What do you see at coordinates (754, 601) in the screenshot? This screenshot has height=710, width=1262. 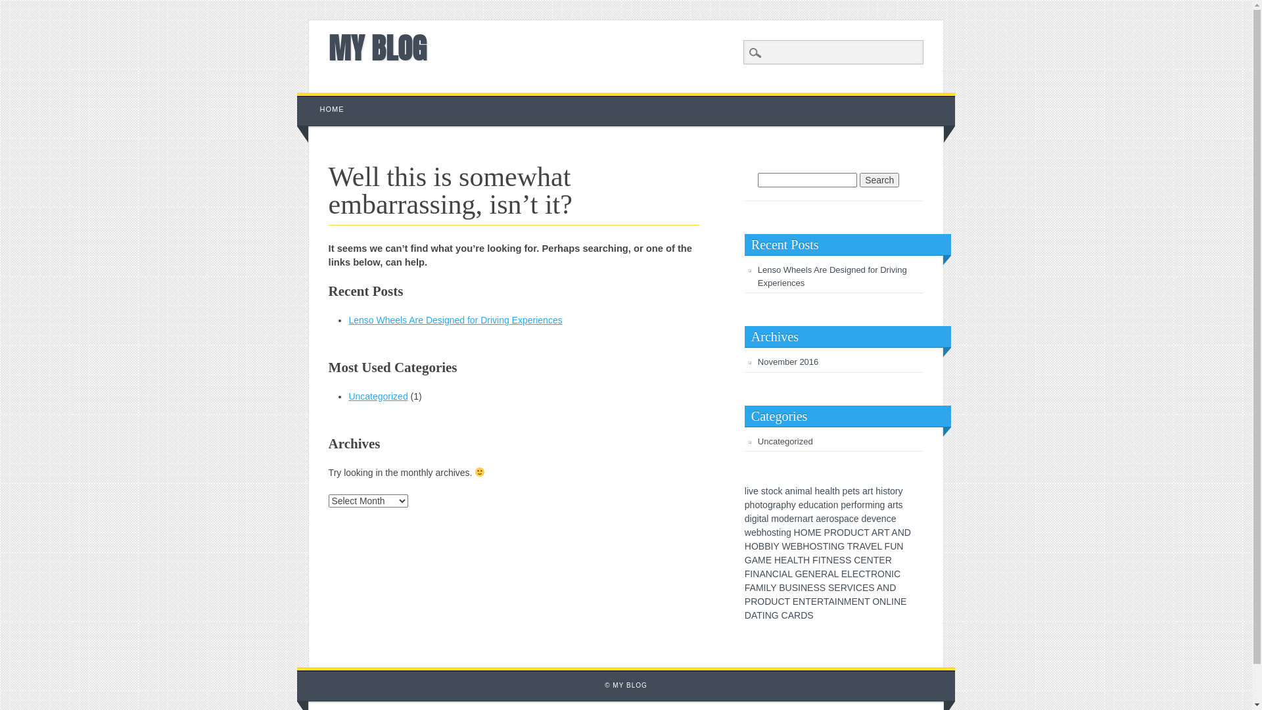 I see `'R'` at bounding box center [754, 601].